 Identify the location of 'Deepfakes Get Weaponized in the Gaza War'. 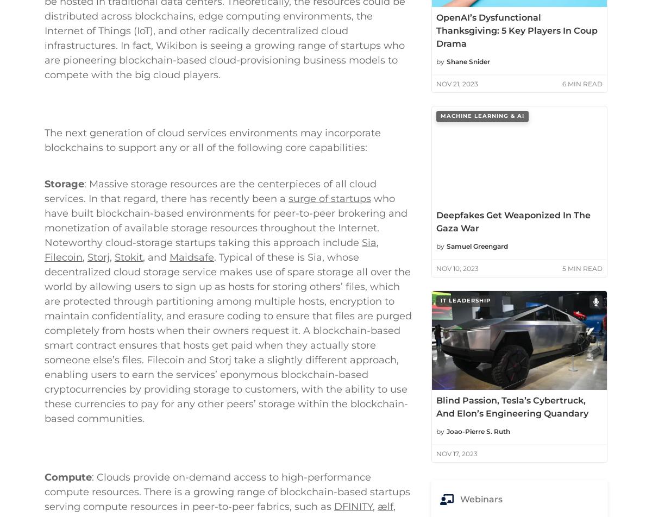
(513, 222).